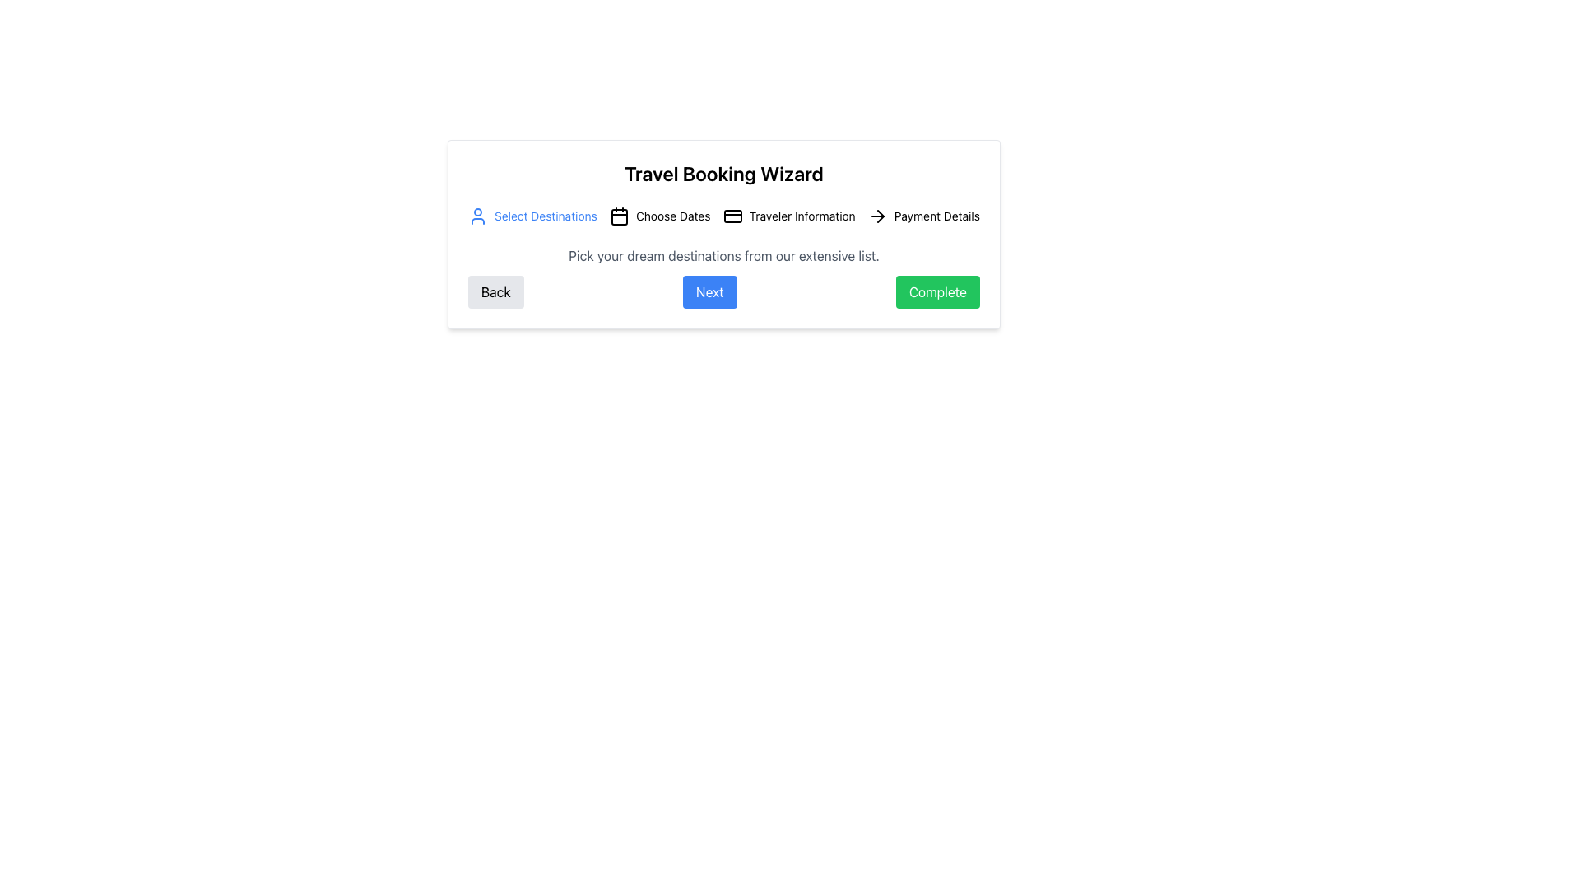  What do you see at coordinates (660, 215) in the screenshot?
I see `the second navigation label with an icon, located between 'Select Destinations' and 'Traveler Information'` at bounding box center [660, 215].